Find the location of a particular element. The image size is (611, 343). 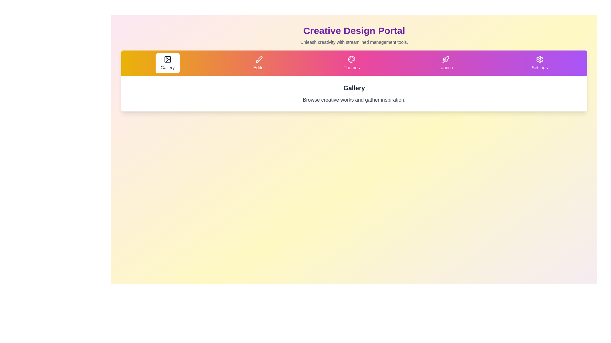

the static text heading at the top center of the interface, which serves as the main branding identifier for the application is located at coordinates (354, 30).